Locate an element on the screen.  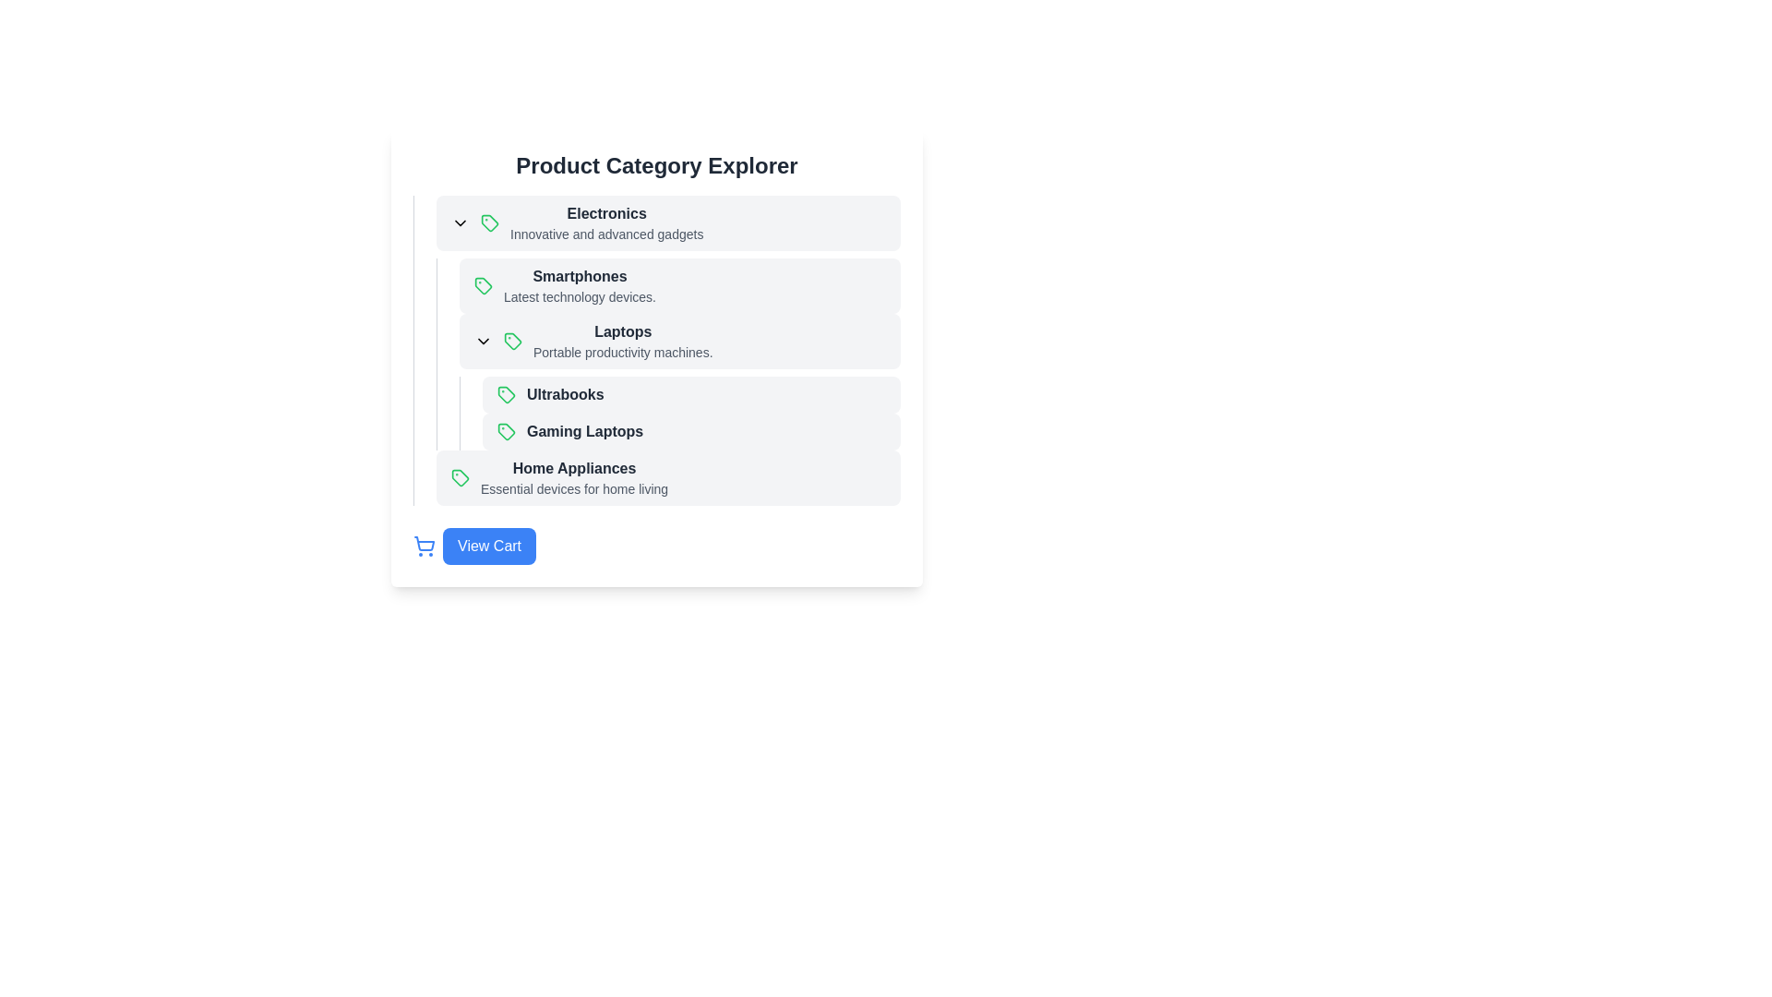
or tab to the 'Home Appliances' menu item is located at coordinates (667, 476).